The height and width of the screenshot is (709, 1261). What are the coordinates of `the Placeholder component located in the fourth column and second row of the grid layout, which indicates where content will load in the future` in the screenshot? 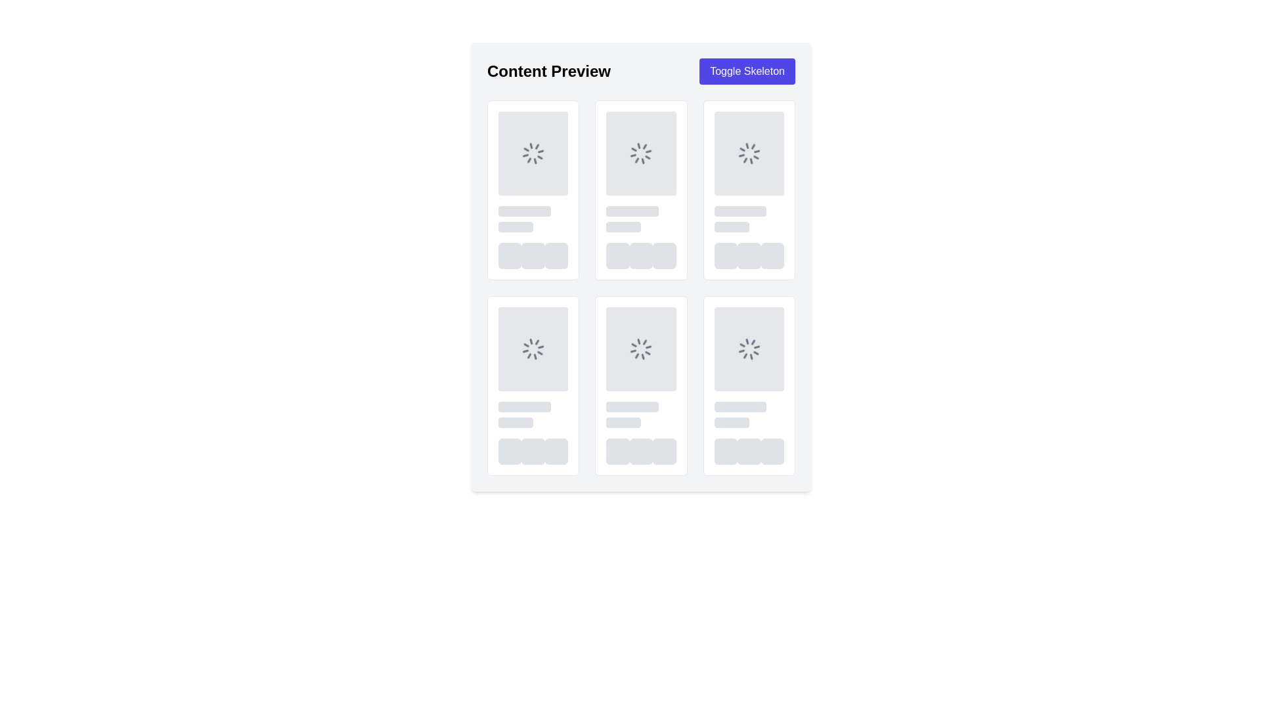 It's located at (749, 219).